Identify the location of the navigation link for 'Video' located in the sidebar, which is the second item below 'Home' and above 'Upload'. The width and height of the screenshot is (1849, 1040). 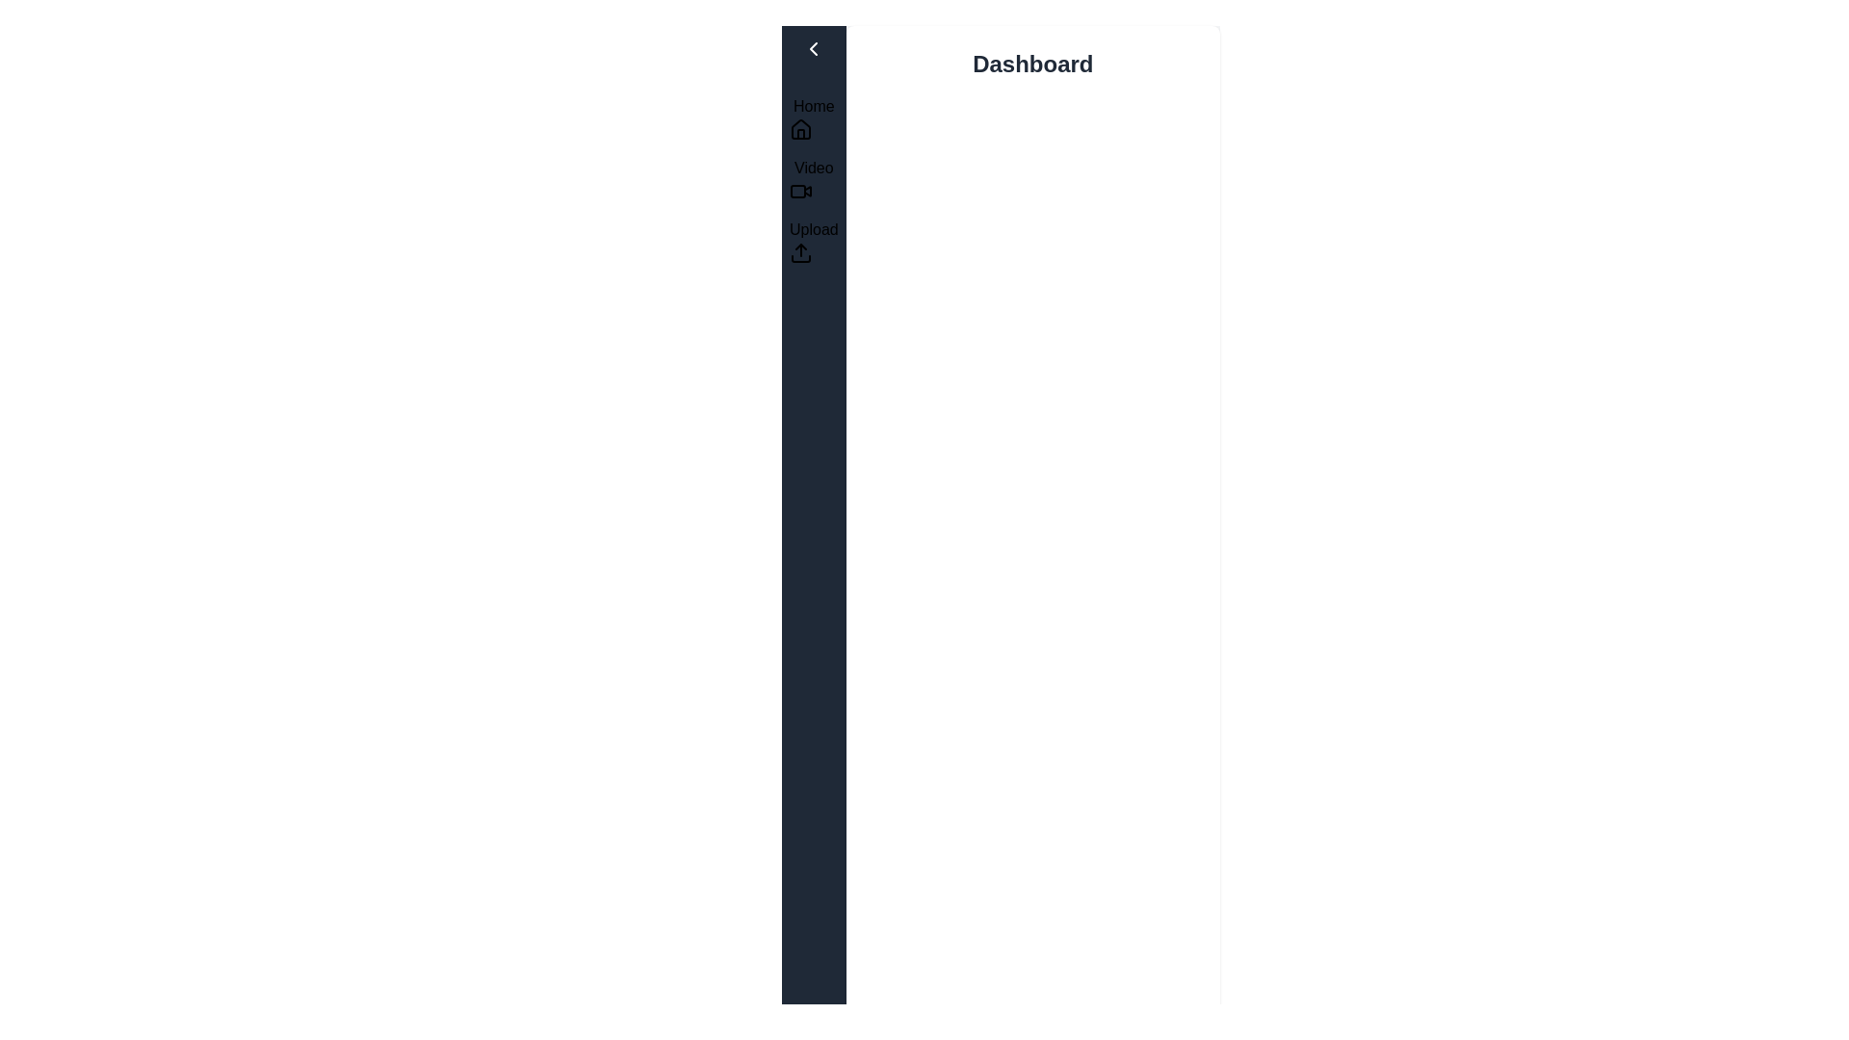
(814, 179).